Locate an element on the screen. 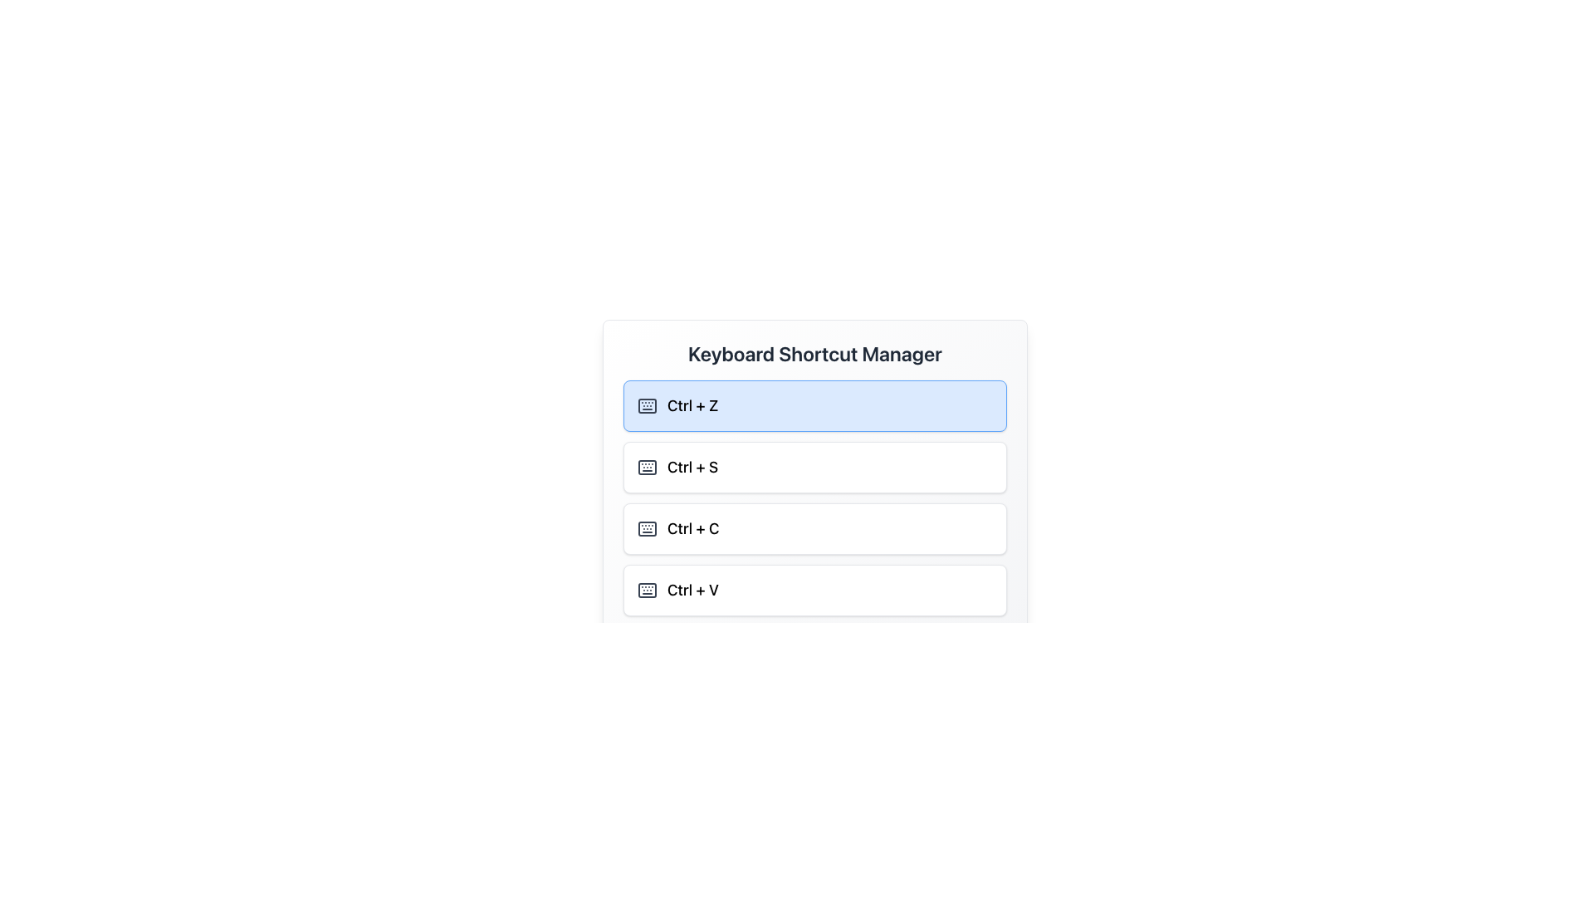  the title 'Keyboard Shortcut Manager' which is a bold heading centered at the top of the panel displaying shortcut options is located at coordinates (815, 352).